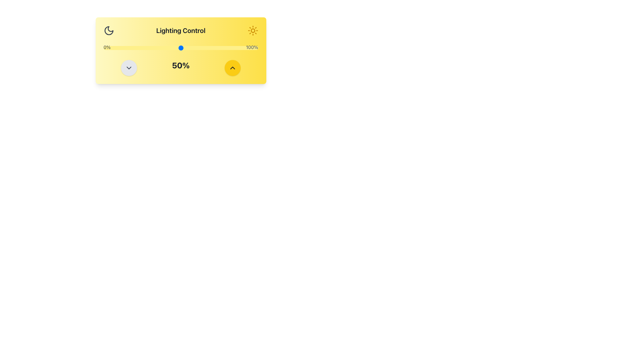 Image resolution: width=640 pixels, height=360 pixels. What do you see at coordinates (122, 47) in the screenshot?
I see `the lighting intensity` at bounding box center [122, 47].